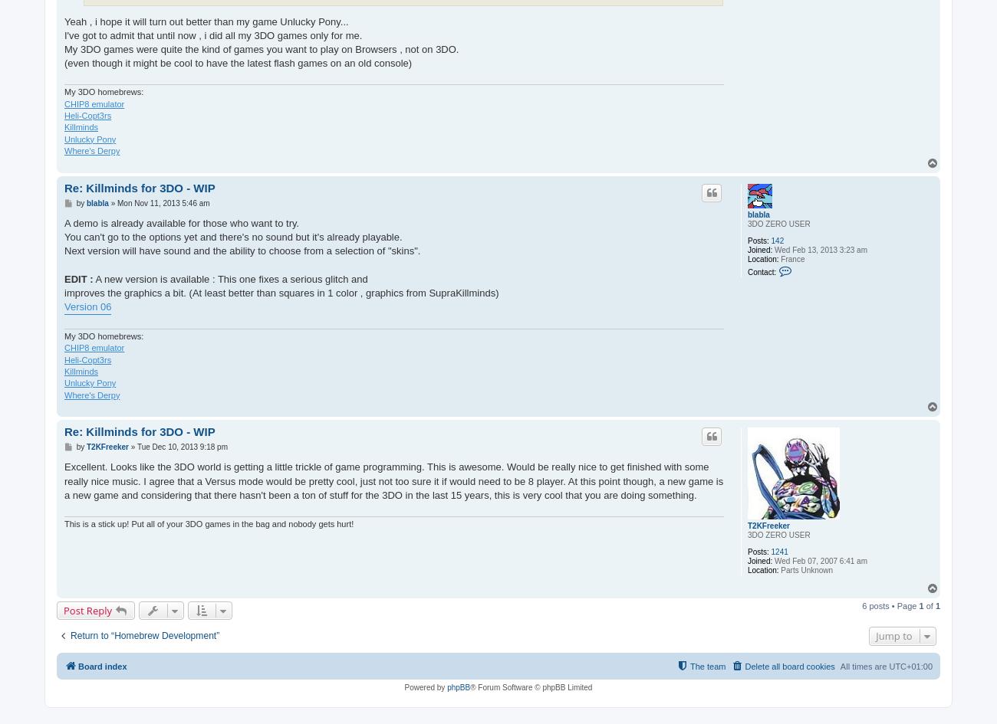 The width and height of the screenshot is (997, 724). Describe the element at coordinates (260, 49) in the screenshot. I see `'My 3DO games were quite the kind of games you want to play on Browsers , not on 3DO.'` at that location.